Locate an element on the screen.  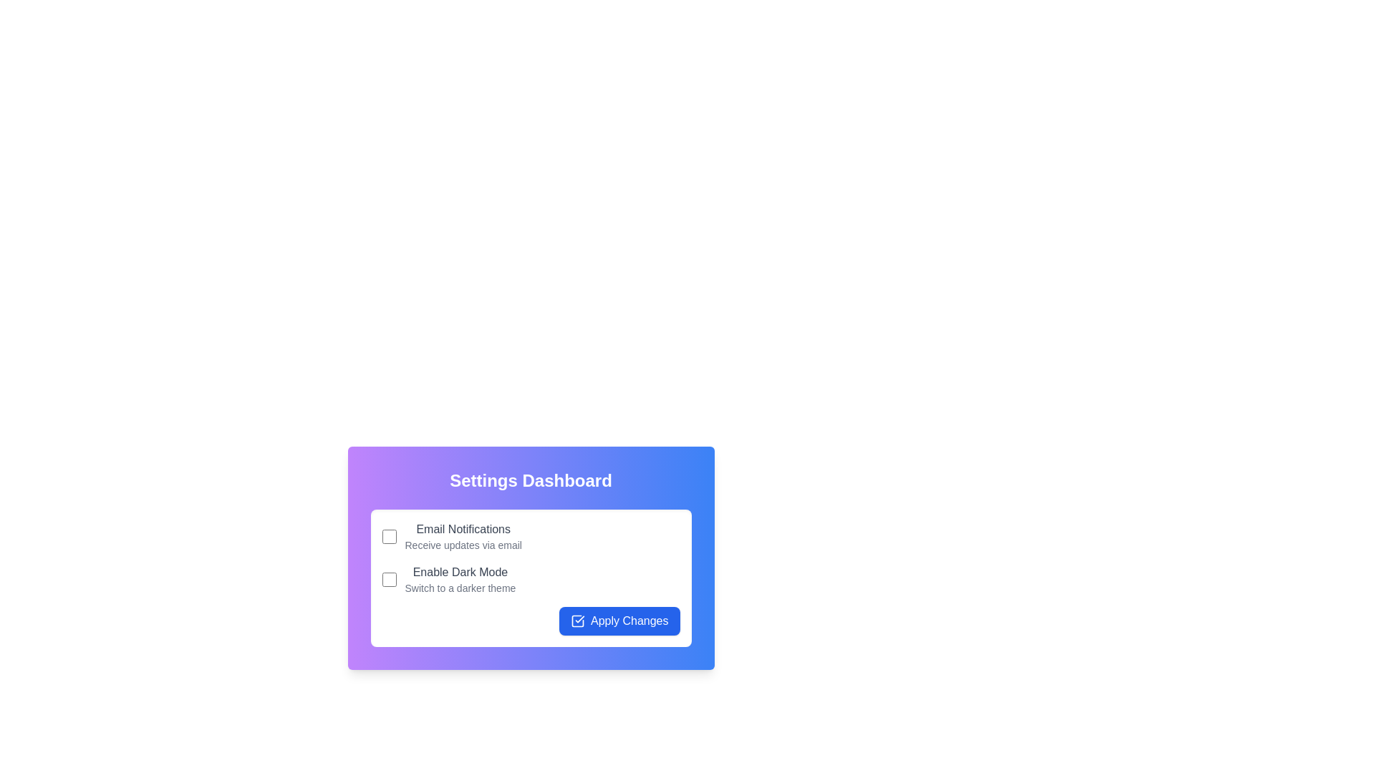
the checkboxes within the settings card component located at the center of the settings dashboard, positioned slightly below the title is located at coordinates (530, 577).